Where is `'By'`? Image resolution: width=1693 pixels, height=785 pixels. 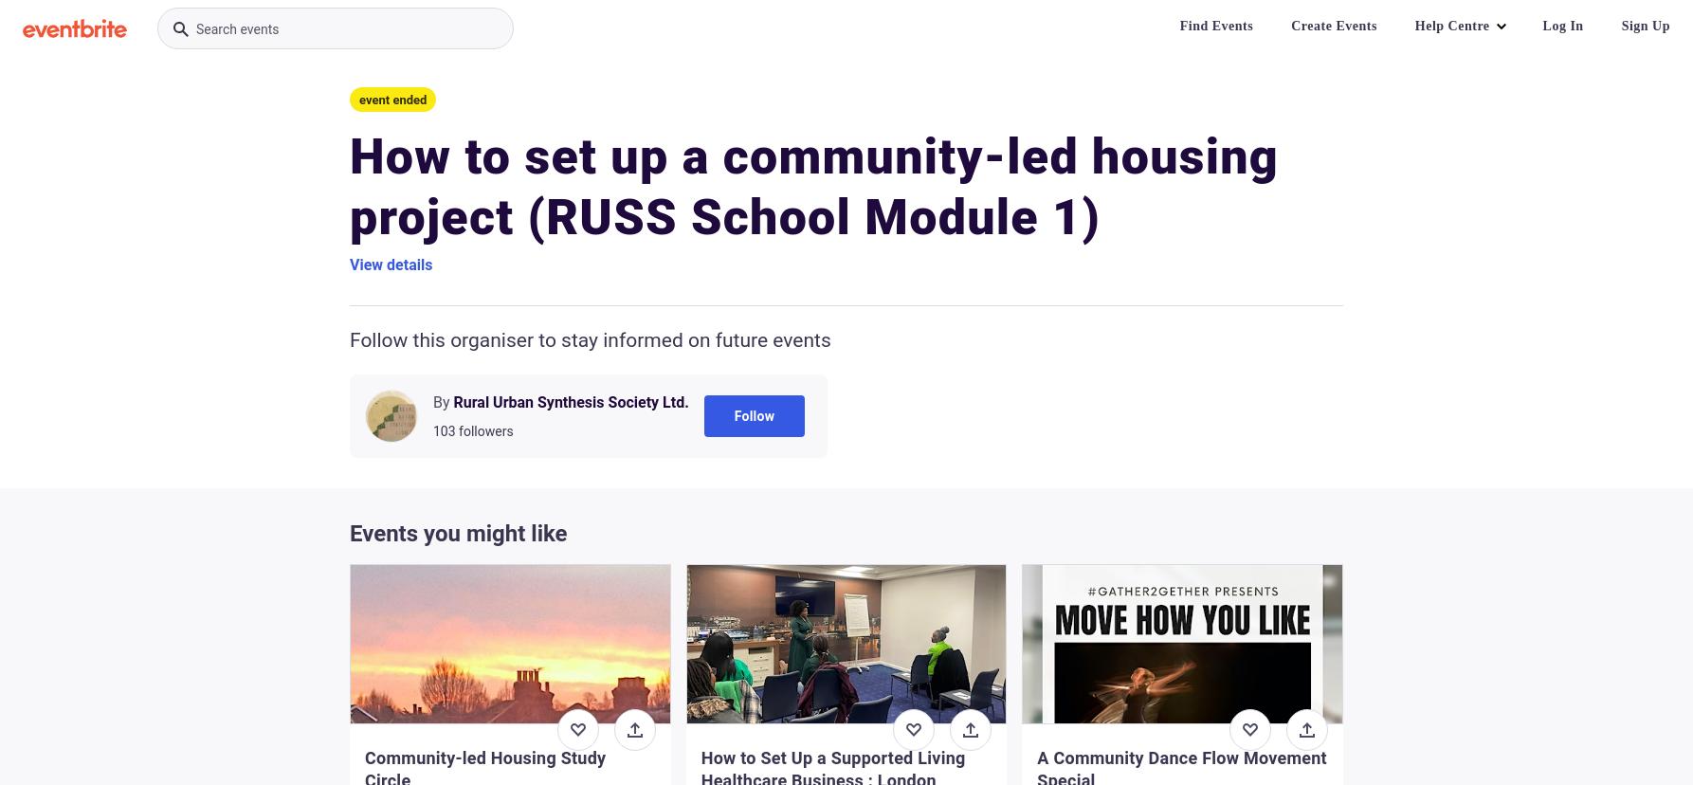
'By' is located at coordinates (440, 402).